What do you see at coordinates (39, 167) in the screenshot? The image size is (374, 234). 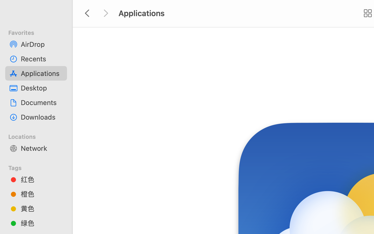 I see `'Tags'` at bounding box center [39, 167].